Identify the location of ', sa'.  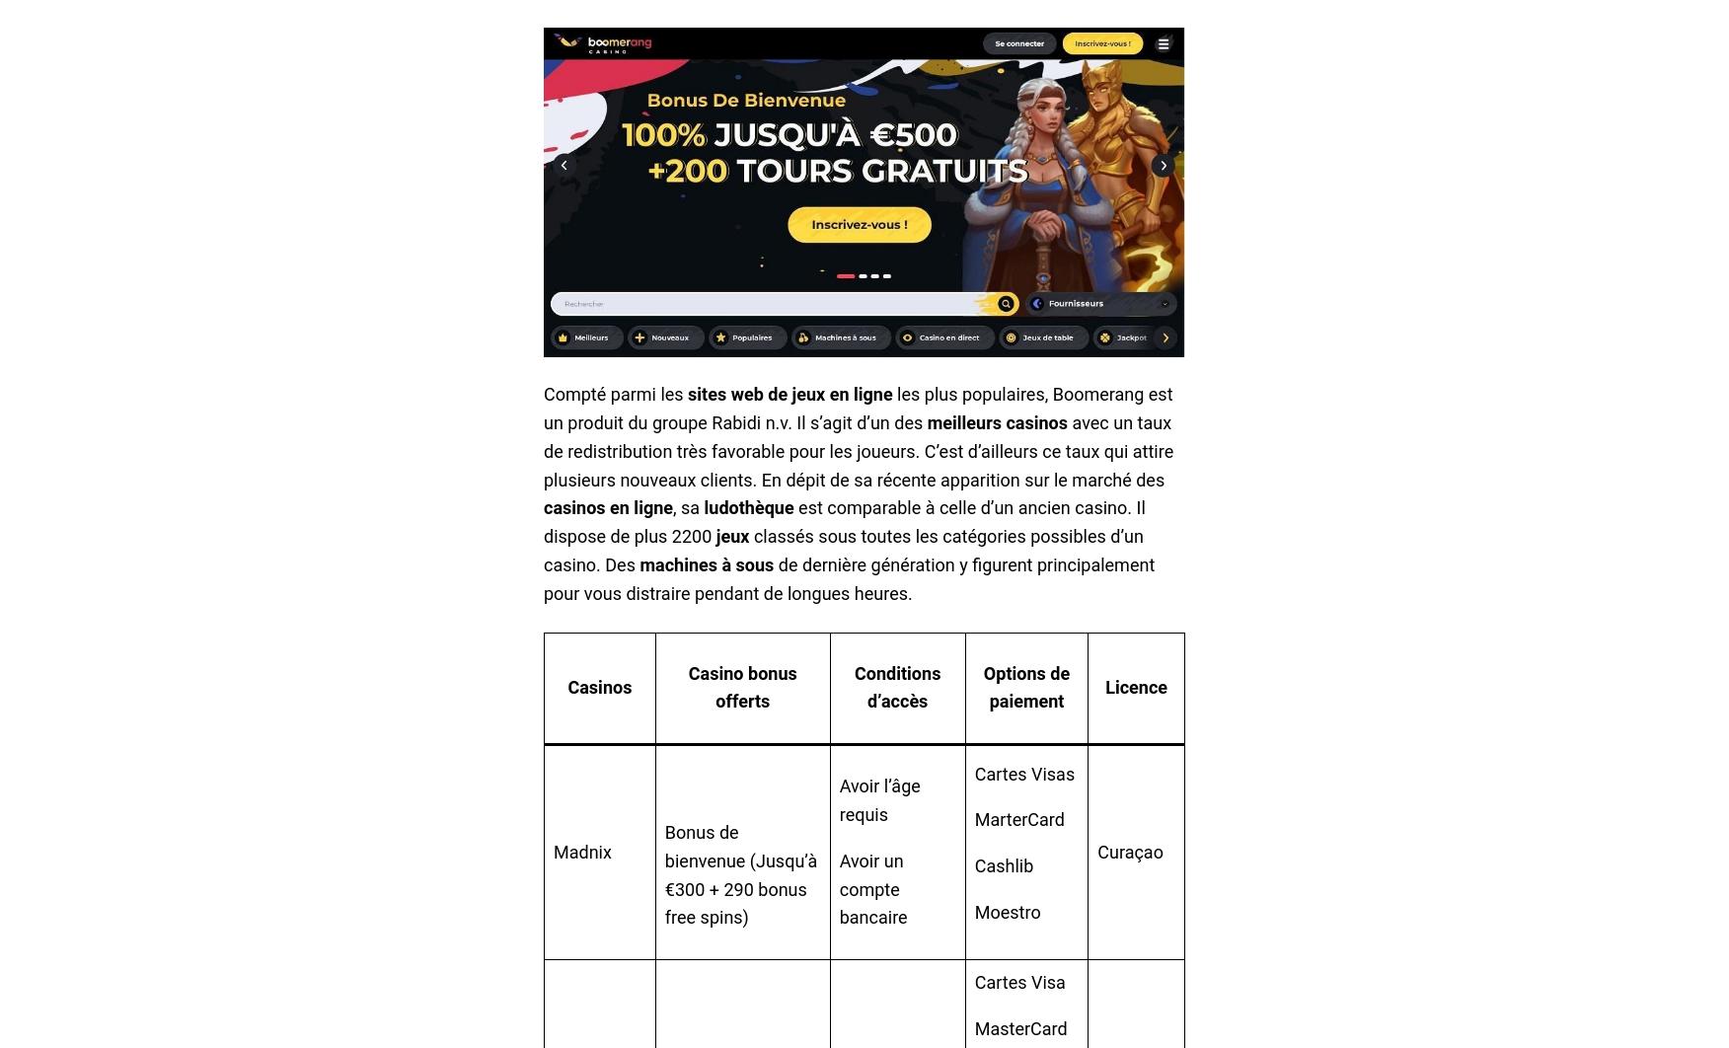
(687, 506).